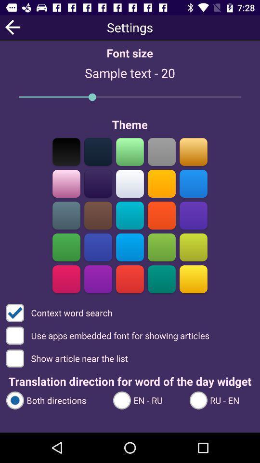 This screenshot has width=260, height=463. What do you see at coordinates (12, 27) in the screenshot?
I see `previous` at bounding box center [12, 27].